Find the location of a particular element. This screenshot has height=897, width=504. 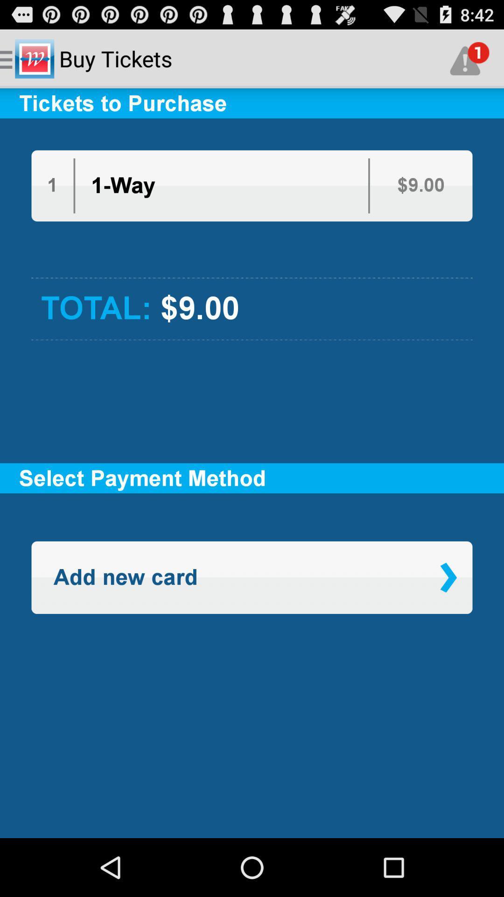

app below the 1 is located at coordinates (252, 237).